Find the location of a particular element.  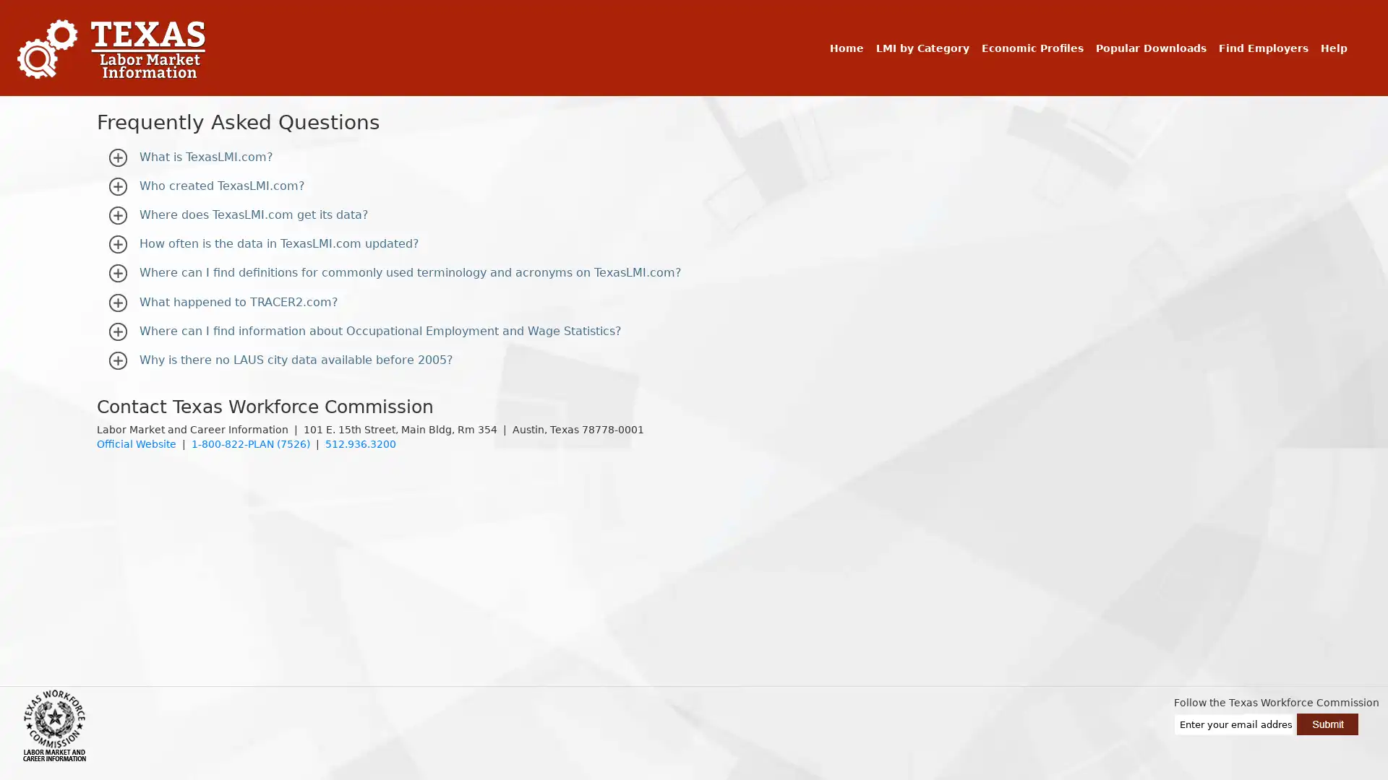

Where can I find information about Occupational Employment and Wage Statistics? is located at coordinates (693, 330).